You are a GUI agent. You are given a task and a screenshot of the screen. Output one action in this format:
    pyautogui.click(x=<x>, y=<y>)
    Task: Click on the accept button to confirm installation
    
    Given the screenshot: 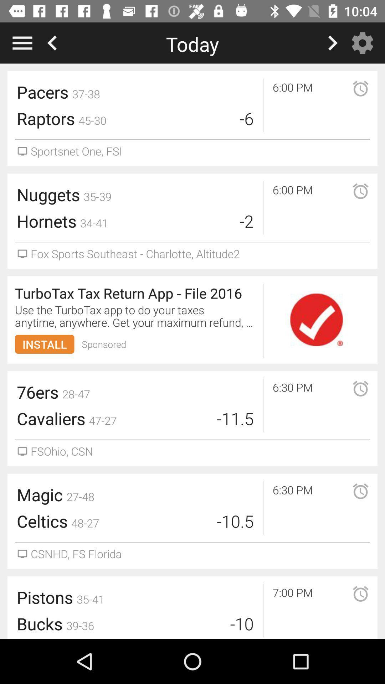 What is the action you would take?
    pyautogui.click(x=316, y=319)
    